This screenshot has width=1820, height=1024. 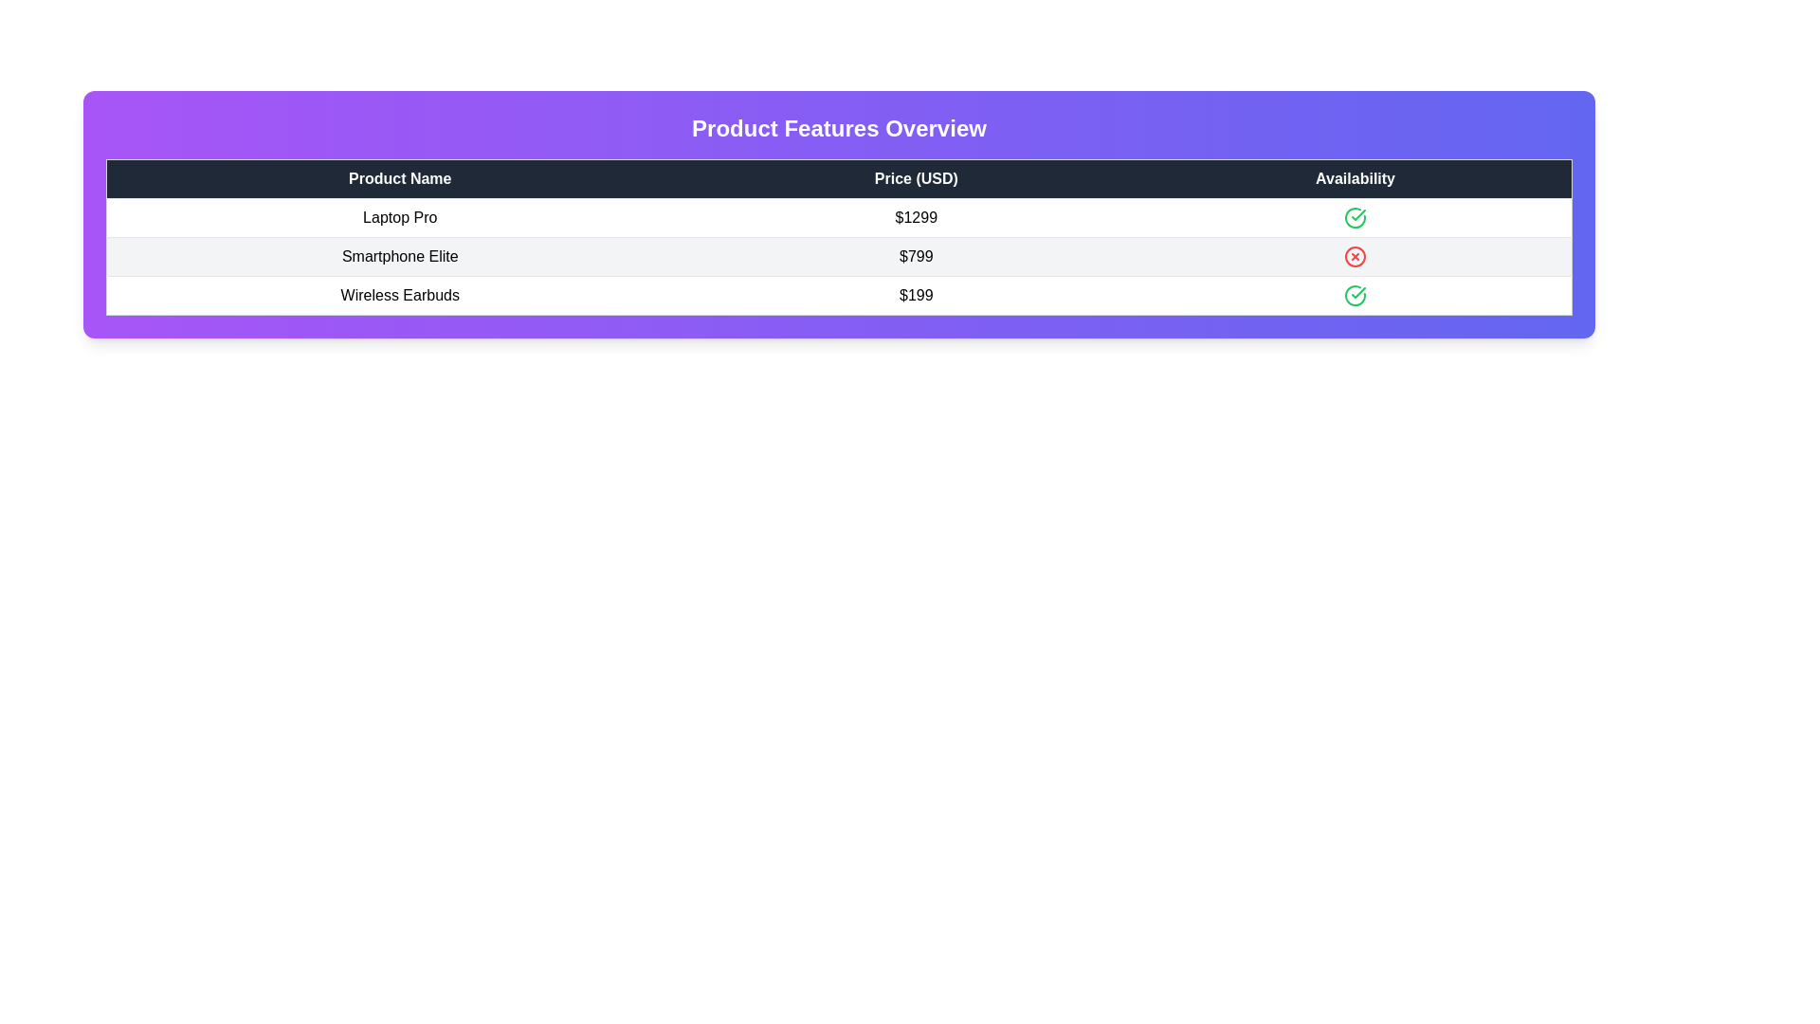 What do you see at coordinates (1355, 256) in the screenshot?
I see `the 'not available' icon in the 'Availability' column for the product 'Smartphone Elite', located in the second row of the table` at bounding box center [1355, 256].